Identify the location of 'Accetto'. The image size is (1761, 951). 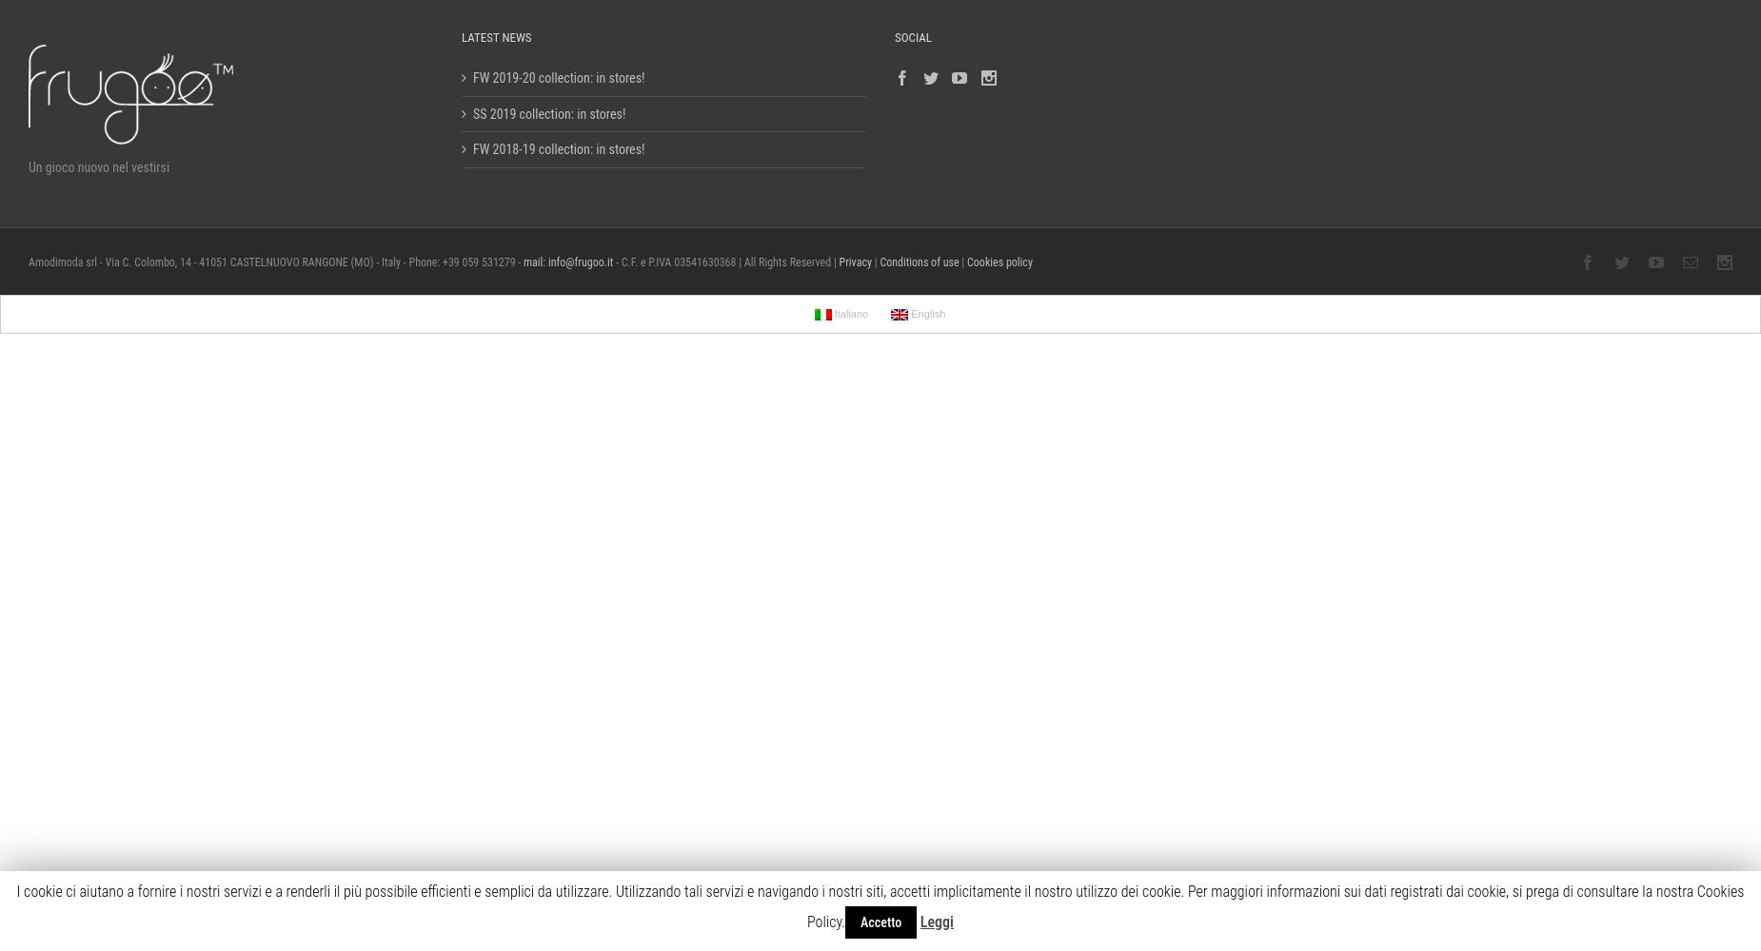
(880, 922).